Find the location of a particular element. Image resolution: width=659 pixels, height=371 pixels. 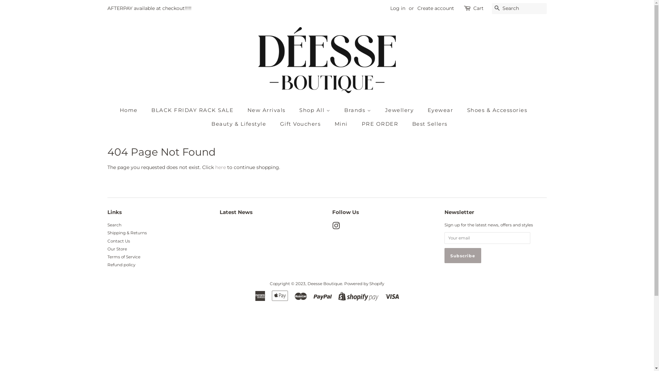

'Eyewear' is located at coordinates (441, 110).